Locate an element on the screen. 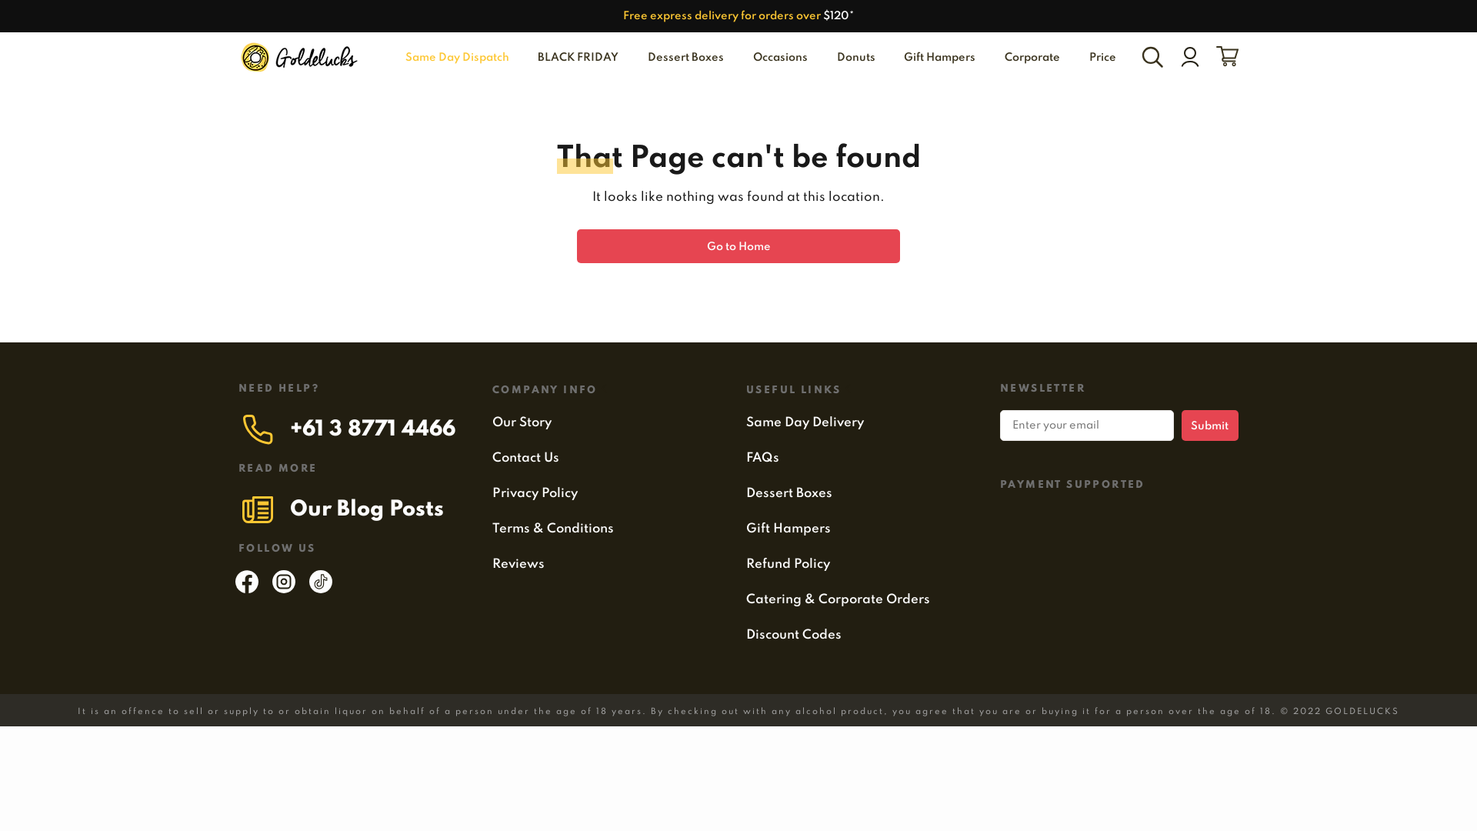 The image size is (1477, 831). 'Occasions' is located at coordinates (746, 57).